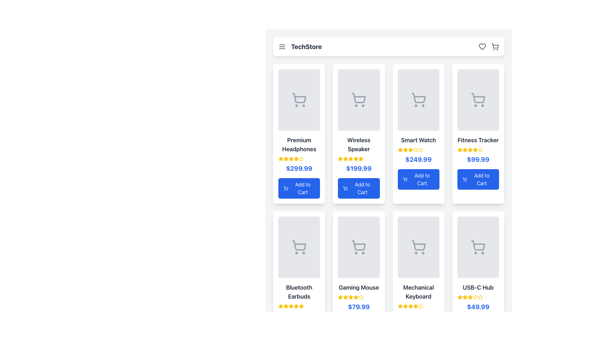  I want to click on the 'Smart Watch' text label using keyboard navigation, so click(418, 140).